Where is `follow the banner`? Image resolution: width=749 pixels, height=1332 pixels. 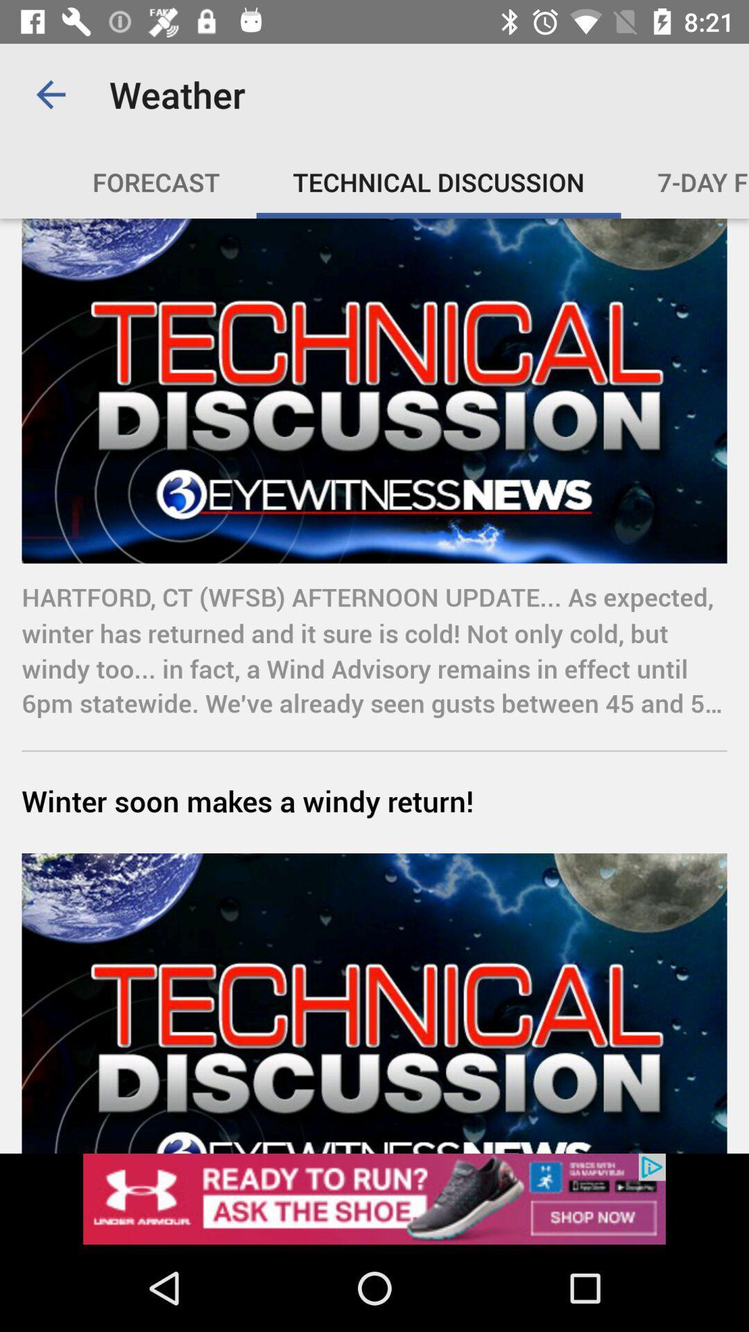
follow the banner is located at coordinates (374, 1198).